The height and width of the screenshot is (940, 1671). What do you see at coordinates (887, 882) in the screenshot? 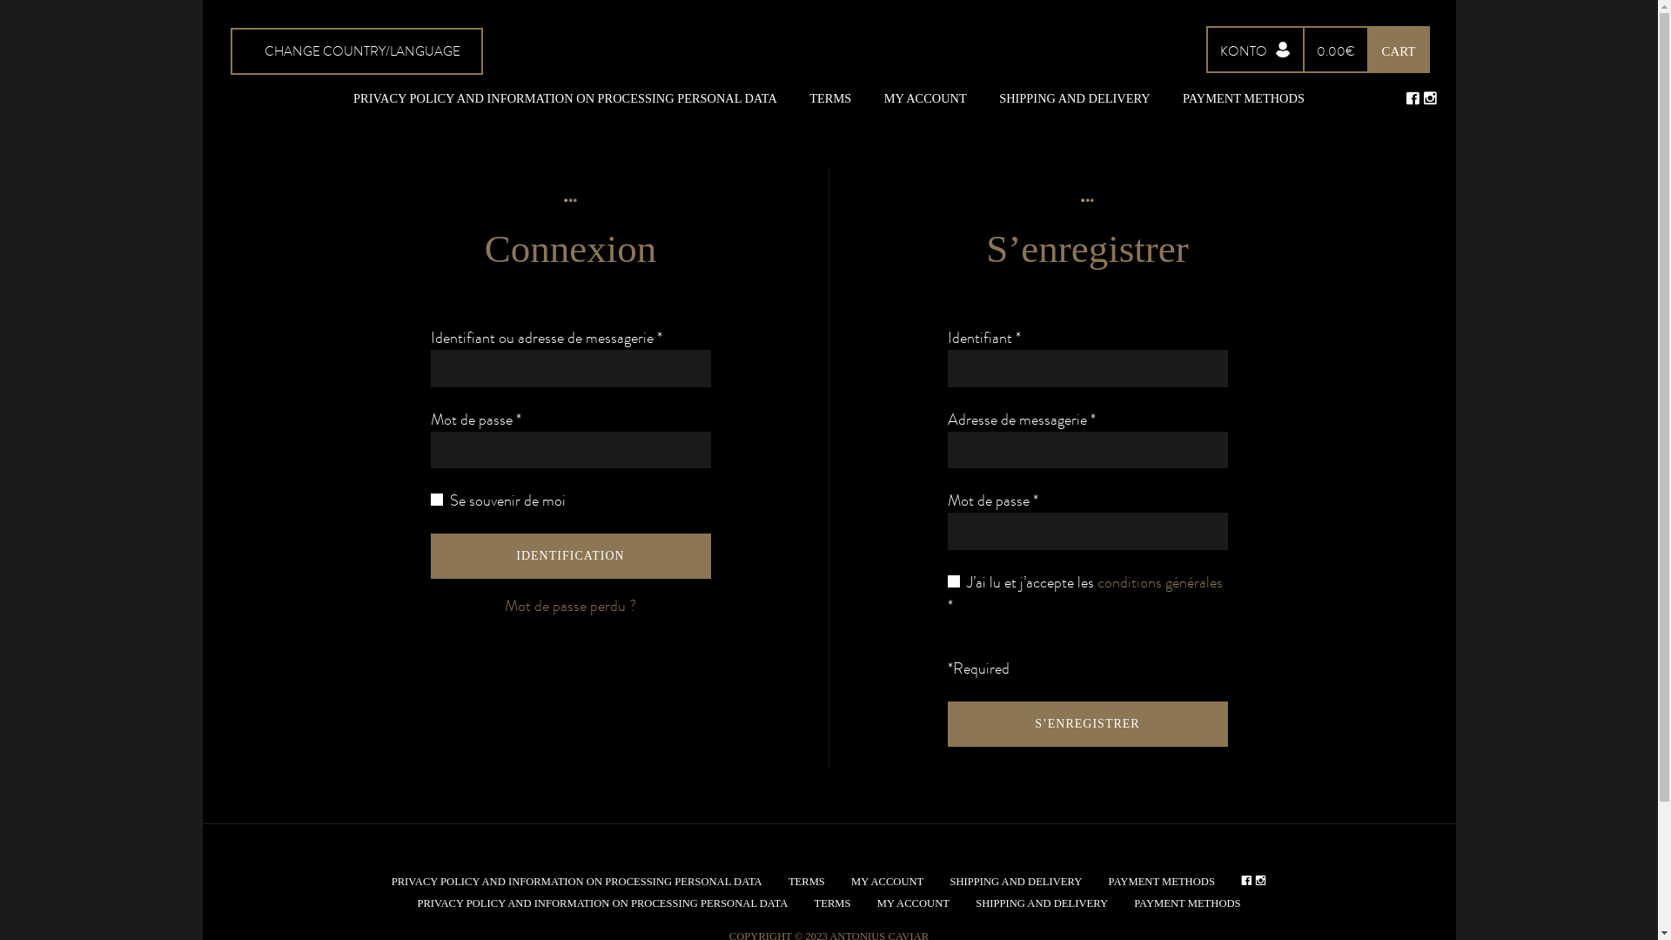
I see `'MY ACCOUNT'` at bounding box center [887, 882].